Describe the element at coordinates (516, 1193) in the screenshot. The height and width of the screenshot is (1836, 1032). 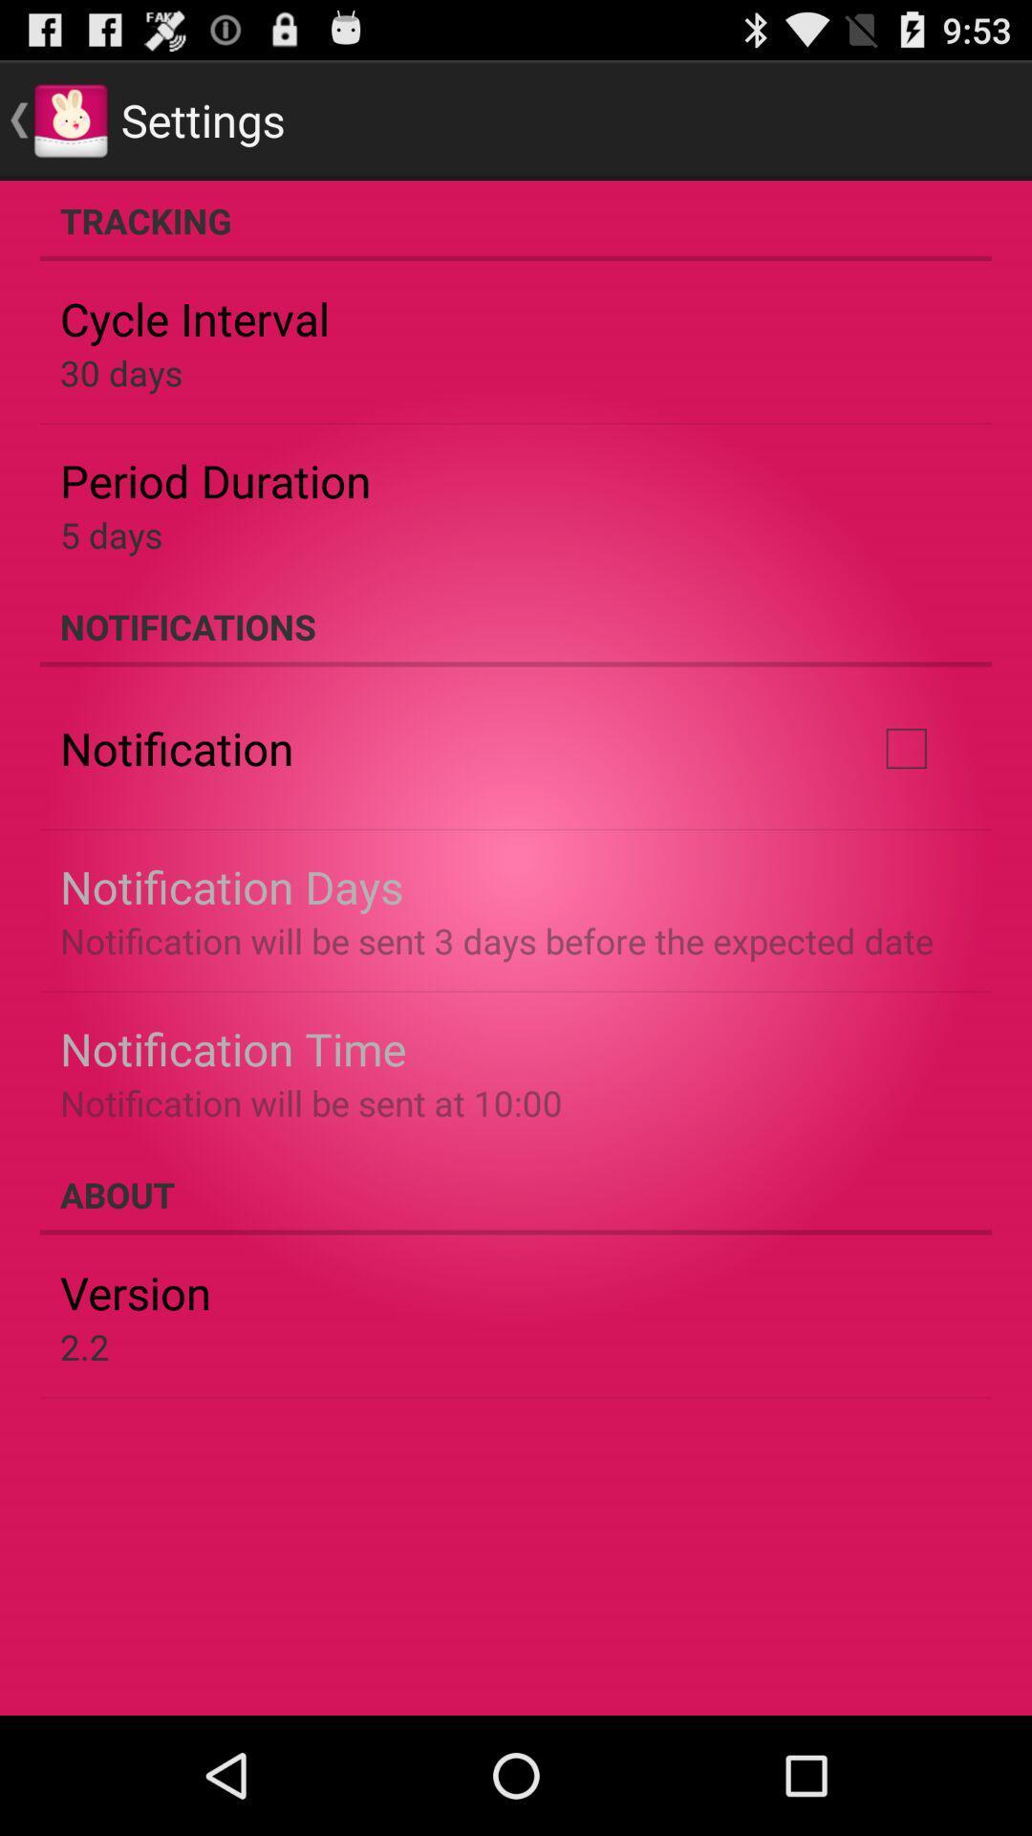
I see `the about icon` at that location.